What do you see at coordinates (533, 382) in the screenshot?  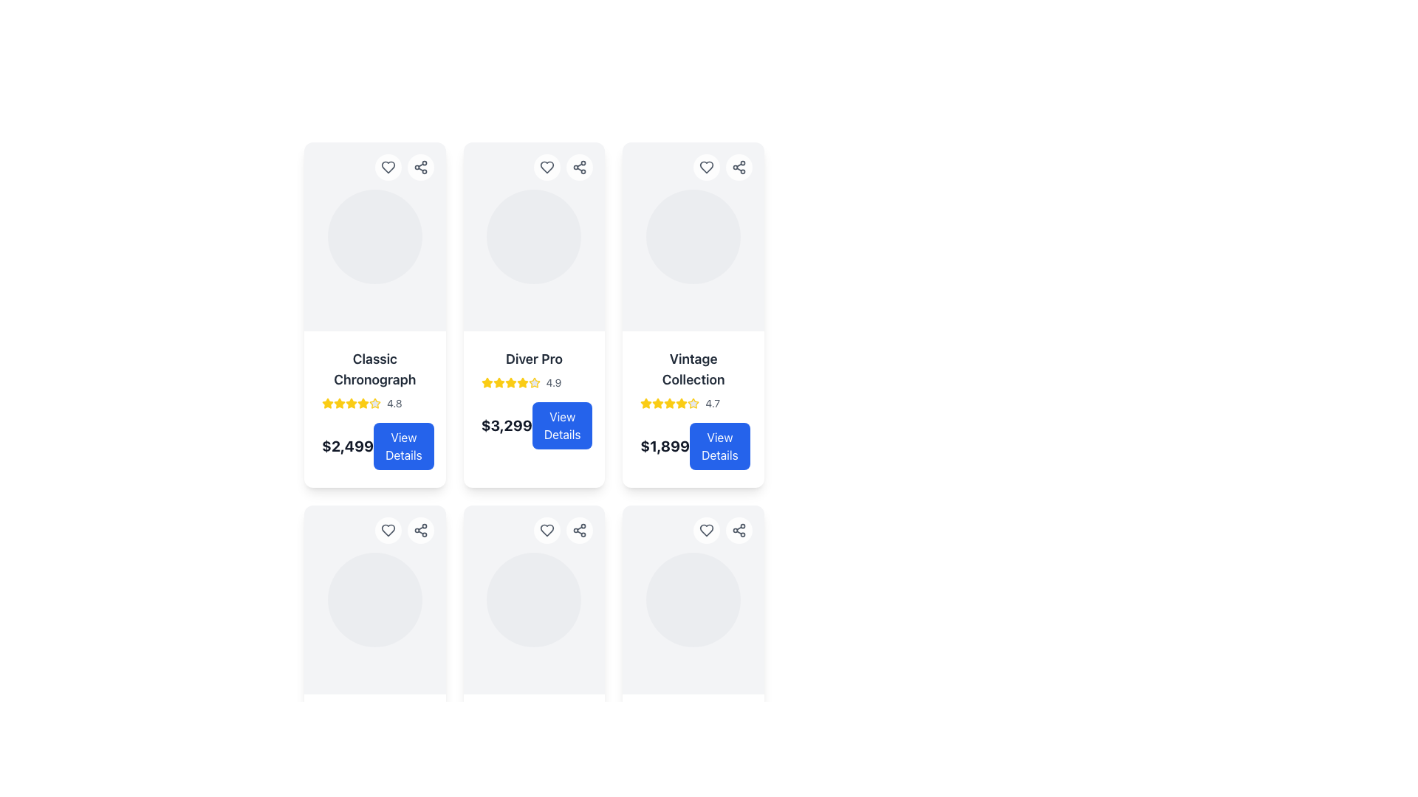 I see `the second star-shaped icon in the rating feature of the Diver Pro item card, which is styled with a yellow fill and located in the middle column of the top row` at bounding box center [533, 382].